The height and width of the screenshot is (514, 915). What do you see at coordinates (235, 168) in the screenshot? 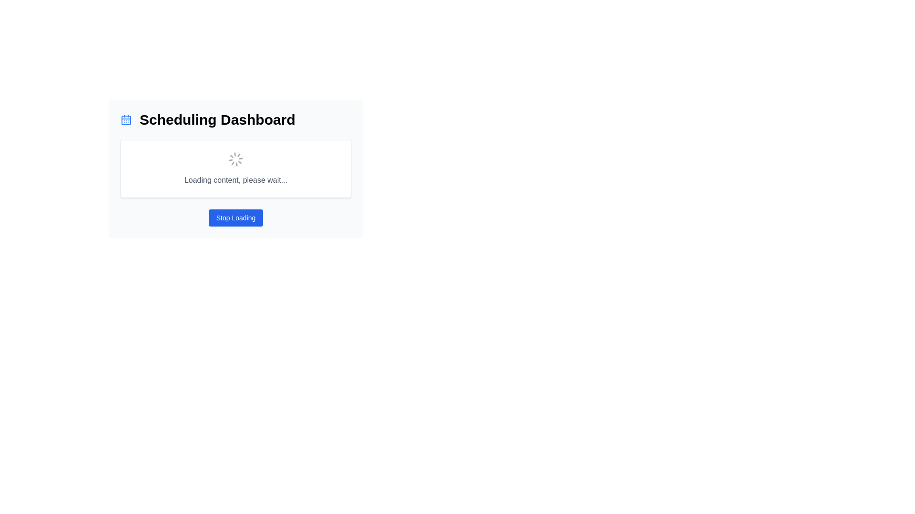
I see `displayed text from the loading indicator with the message 'Loading content, please wait...' which is centrally located below the 'Scheduling Dashboard' headline and above the 'Stop Loading' button` at bounding box center [235, 168].